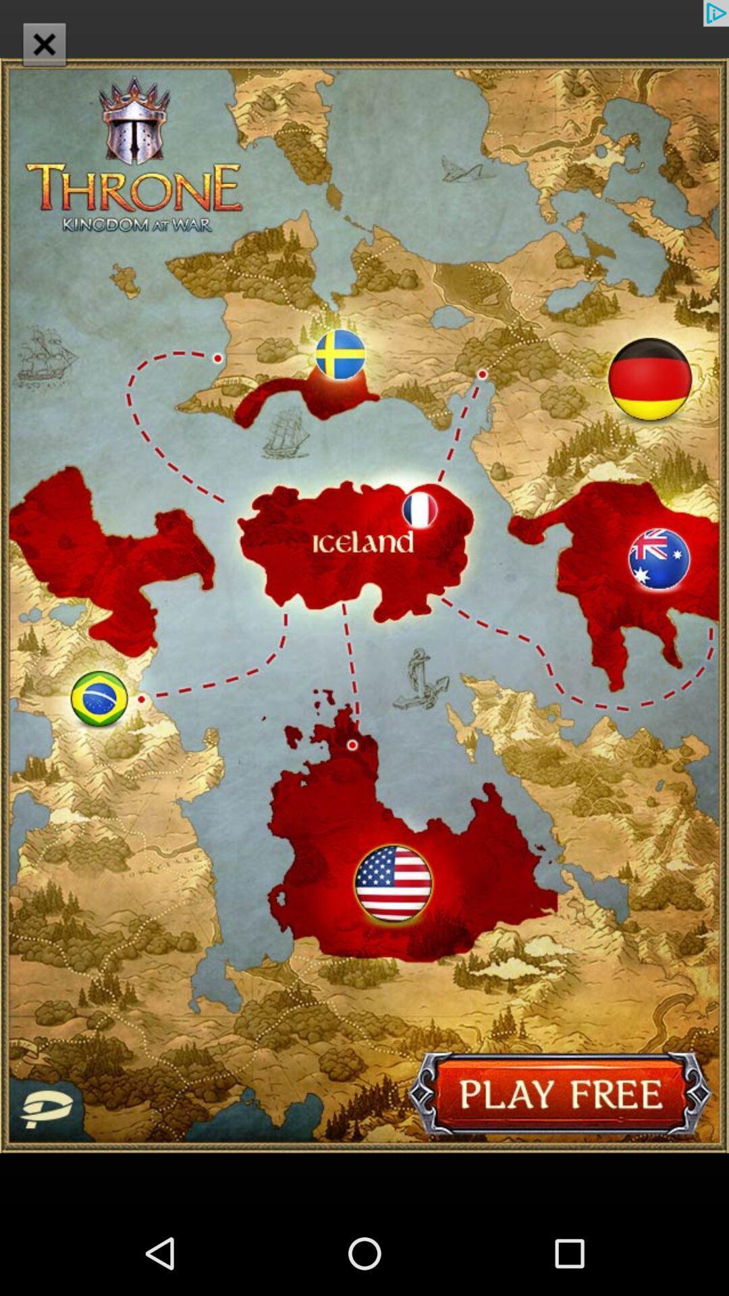 Image resolution: width=729 pixels, height=1296 pixels. Describe the element at coordinates (52, 56) in the screenshot. I see `the close icon` at that location.